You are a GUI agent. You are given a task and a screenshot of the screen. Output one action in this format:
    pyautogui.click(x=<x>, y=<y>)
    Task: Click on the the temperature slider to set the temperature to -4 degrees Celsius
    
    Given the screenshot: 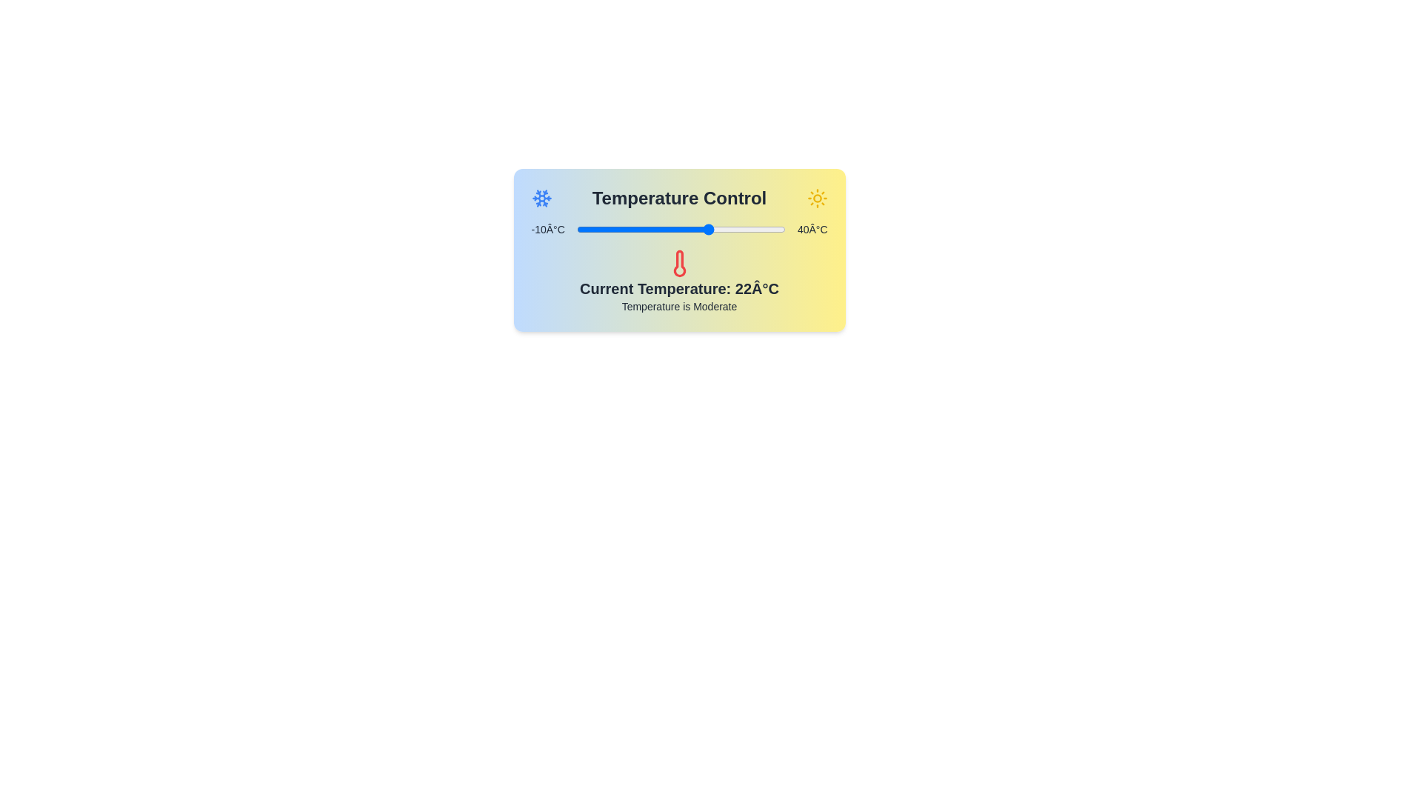 What is the action you would take?
    pyautogui.click(x=601, y=229)
    